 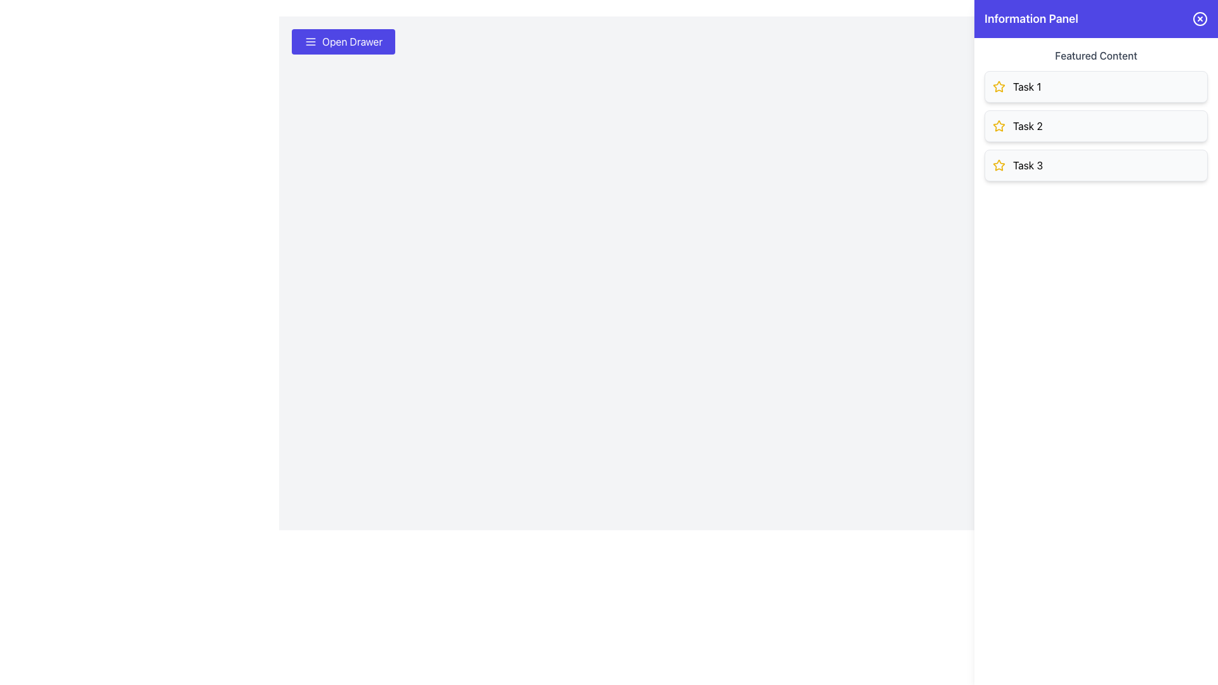 I want to click on the text label indicating a task in the second position of the 'Featured Content' section, located to the right of the yellow star icon, so click(x=1028, y=126).